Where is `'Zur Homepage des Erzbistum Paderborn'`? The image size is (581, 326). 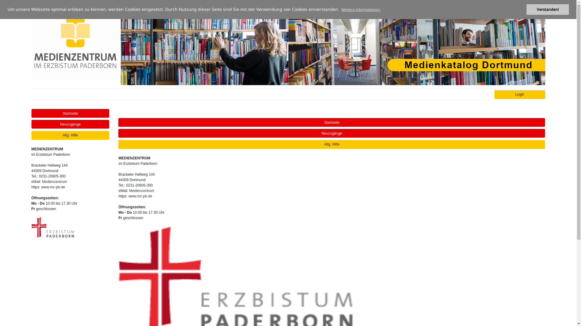
'Zur Homepage des Erzbistum Paderborn' is located at coordinates (53, 227).